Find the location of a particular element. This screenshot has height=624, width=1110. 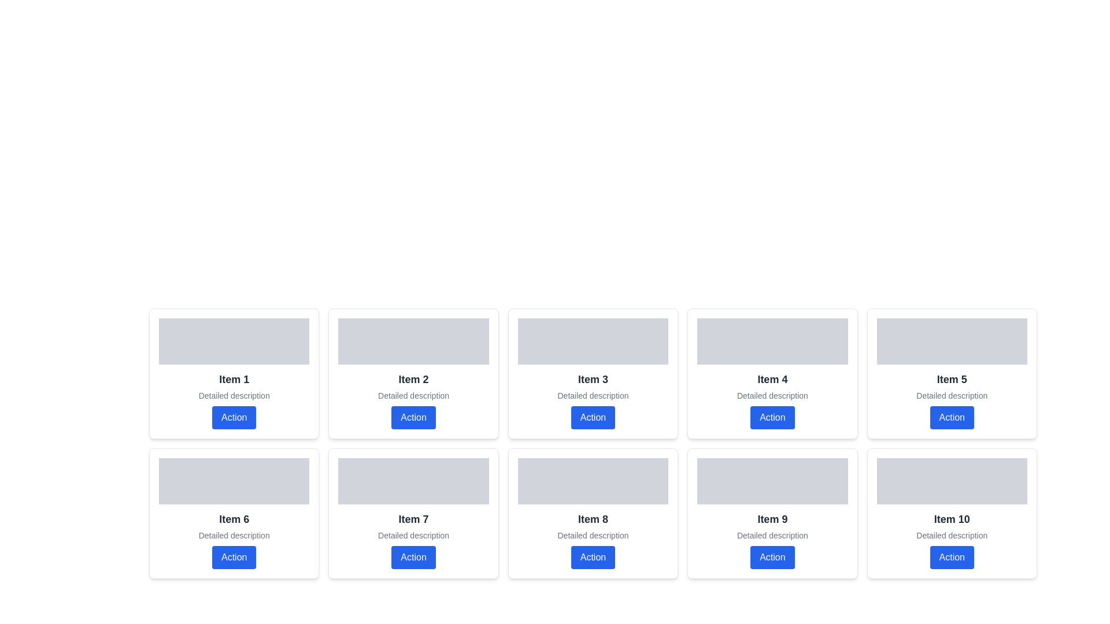

descriptive content of the fifth card in the grid layout, which contains bold text labeled 'Item 5' and a detailed description underneath is located at coordinates (952, 374).